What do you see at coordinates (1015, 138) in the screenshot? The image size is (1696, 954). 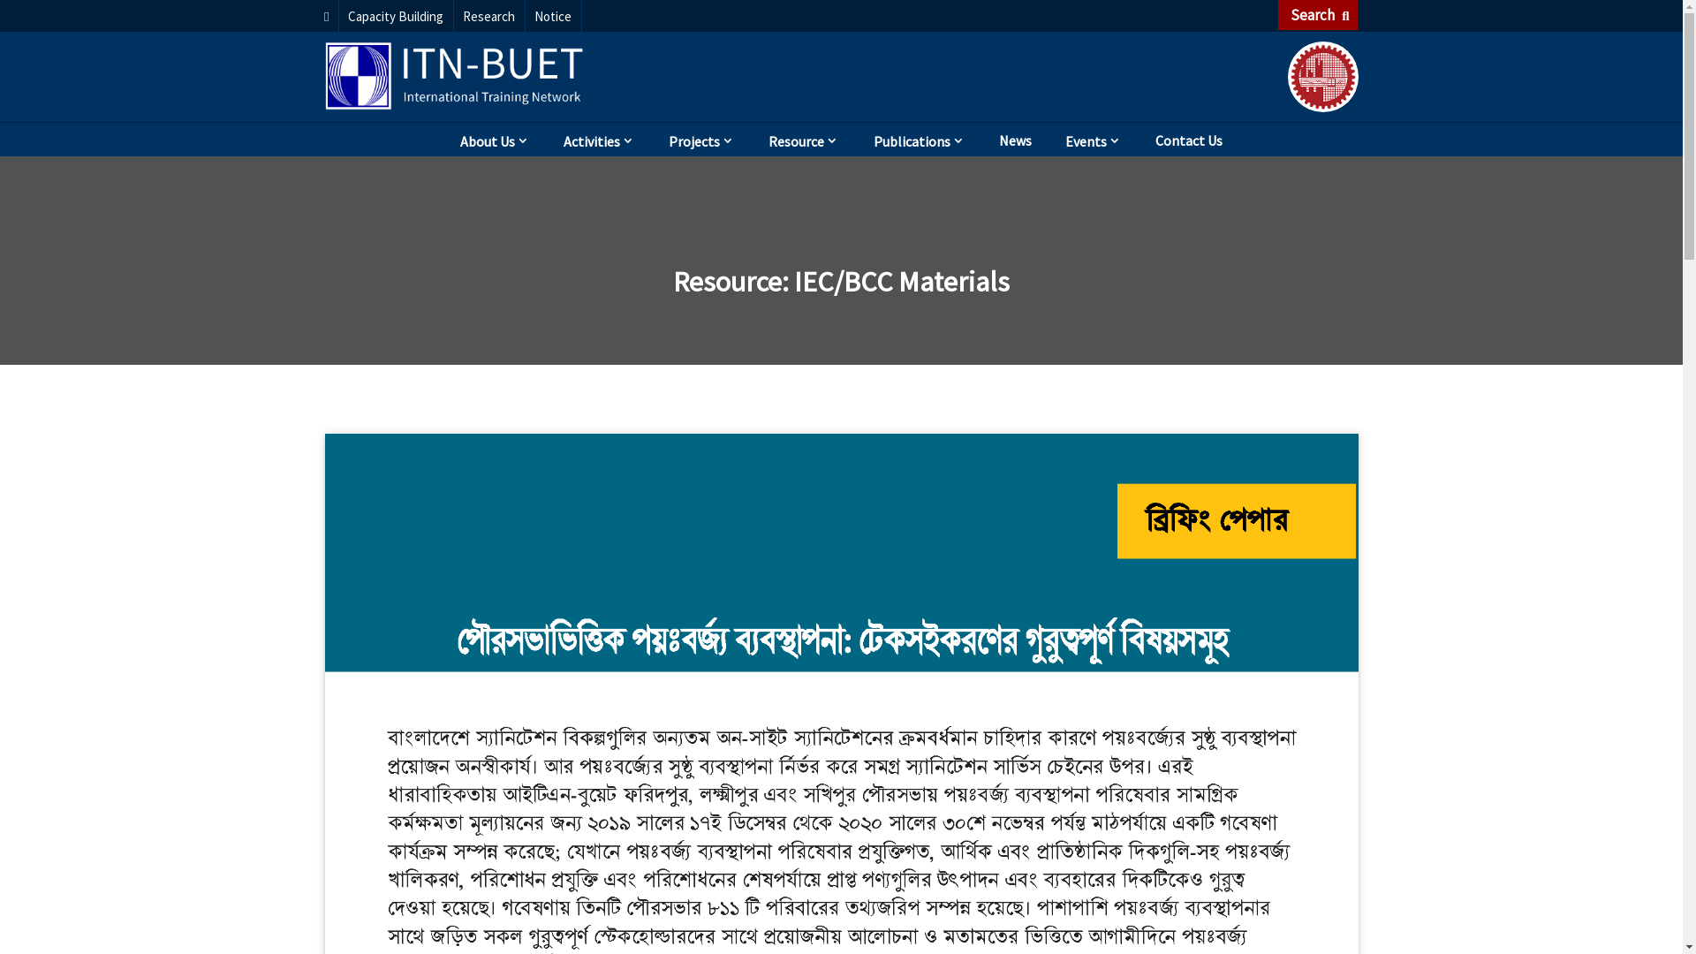 I see `'News'` at bounding box center [1015, 138].